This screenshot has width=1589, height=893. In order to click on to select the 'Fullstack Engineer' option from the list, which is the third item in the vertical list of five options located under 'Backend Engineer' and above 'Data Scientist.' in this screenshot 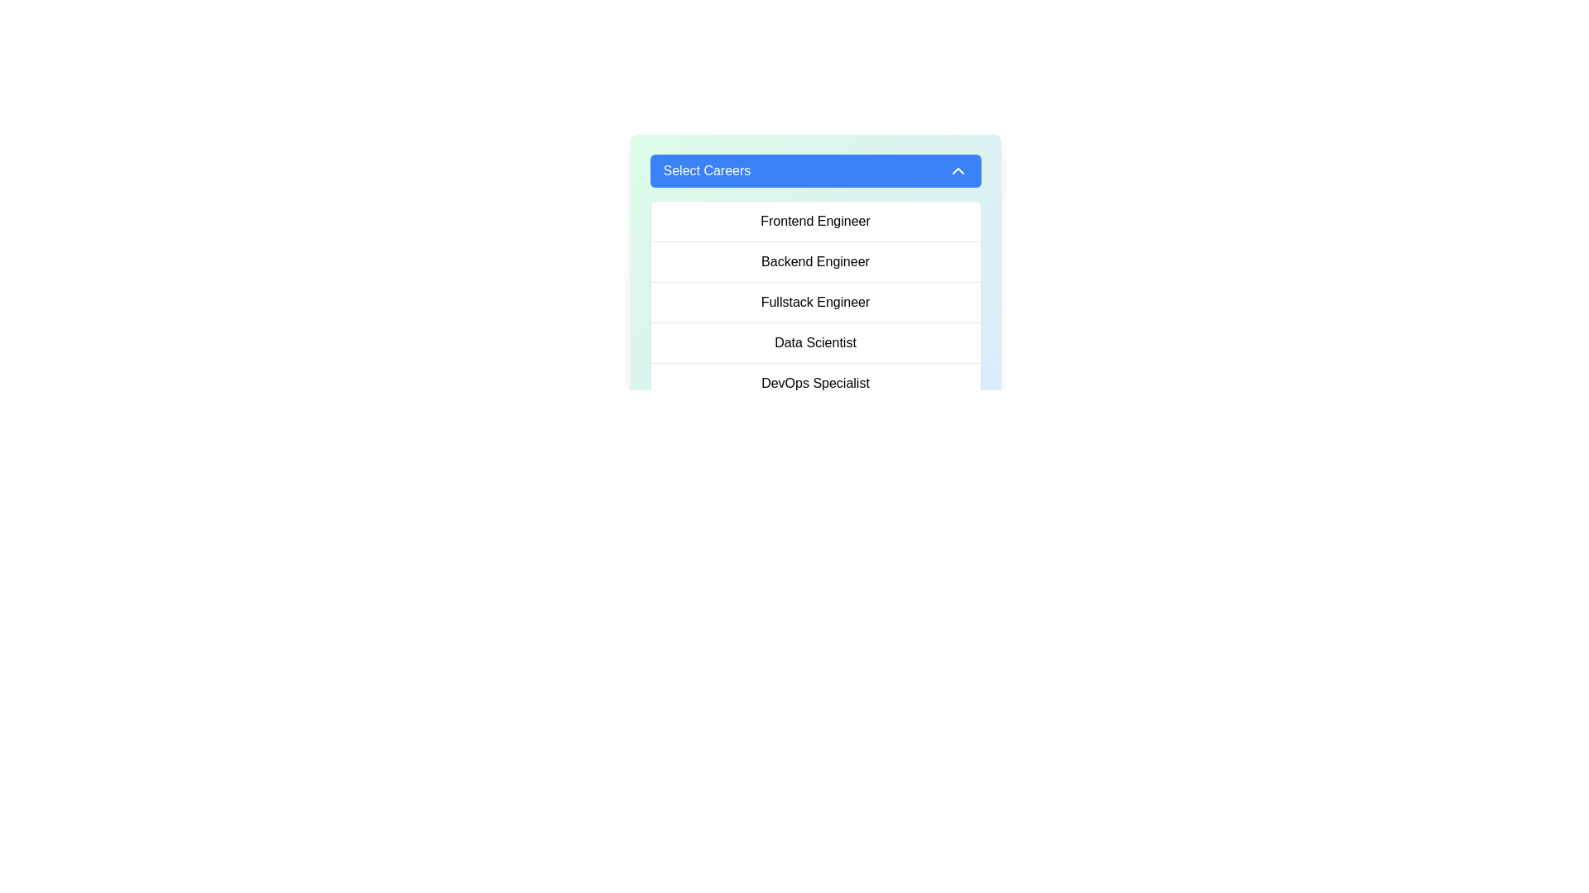, I will do `click(815, 303)`.